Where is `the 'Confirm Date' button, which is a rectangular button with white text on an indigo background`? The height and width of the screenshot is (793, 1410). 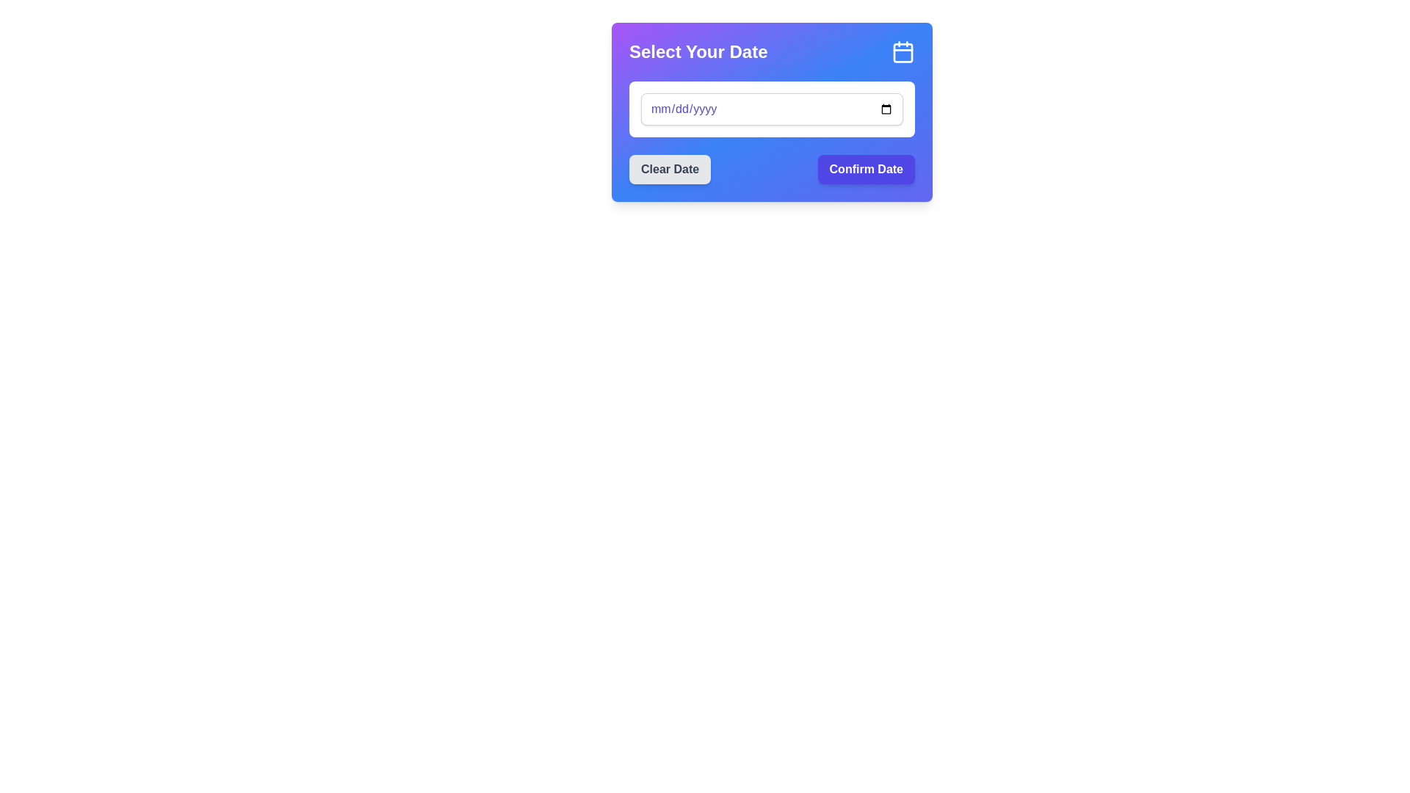 the 'Confirm Date' button, which is a rectangular button with white text on an indigo background is located at coordinates (866, 169).